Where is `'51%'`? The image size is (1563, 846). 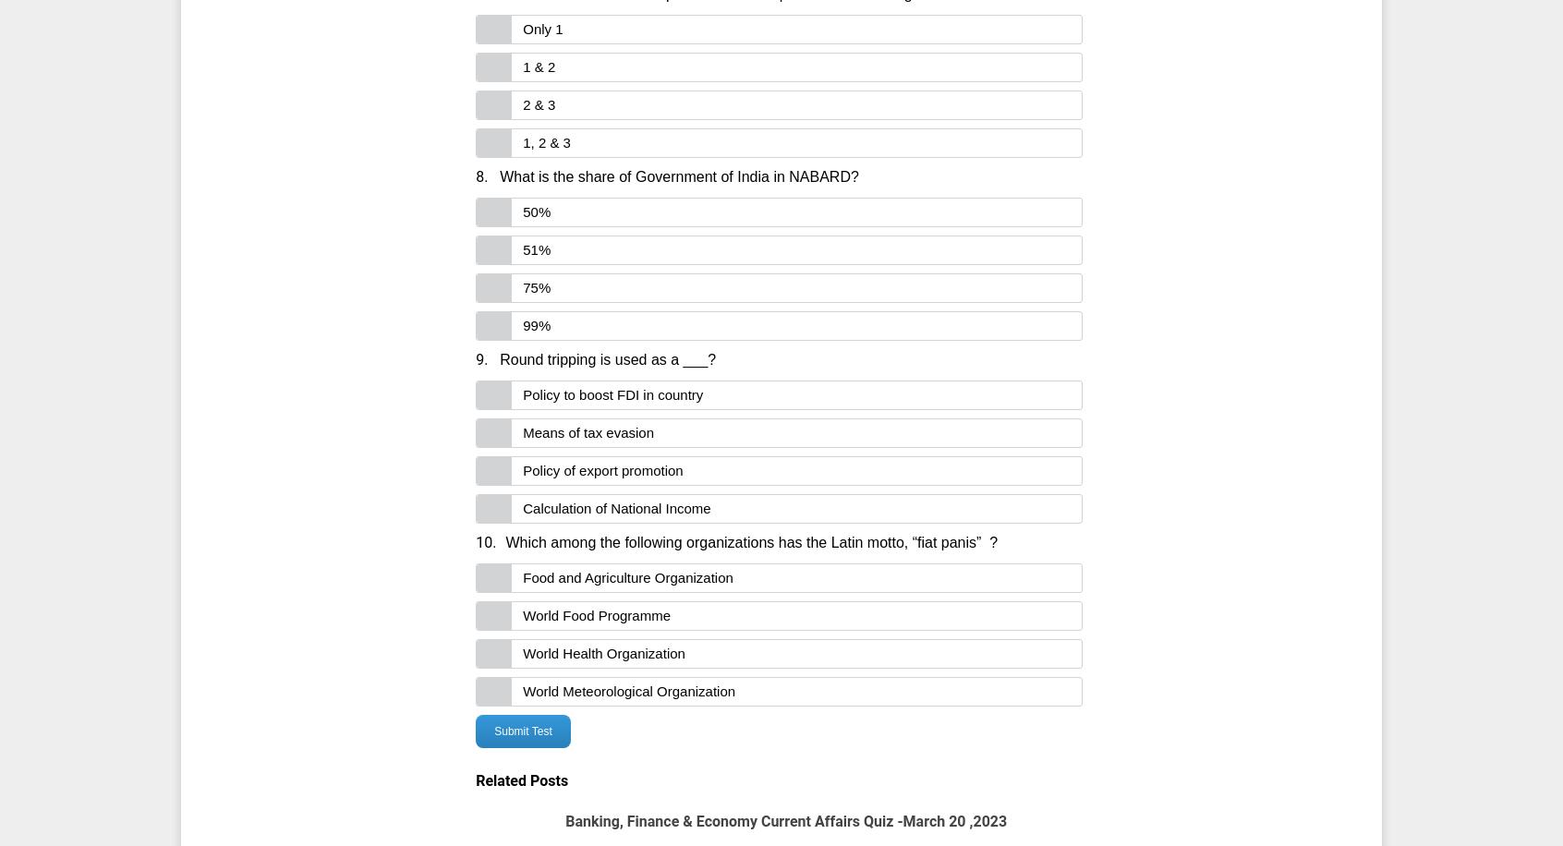 '51%' is located at coordinates (536, 249).